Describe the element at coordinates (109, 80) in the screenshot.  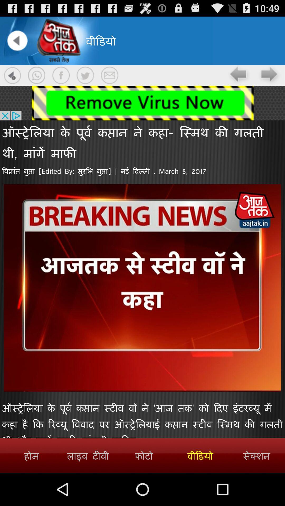
I see `the email icon` at that location.